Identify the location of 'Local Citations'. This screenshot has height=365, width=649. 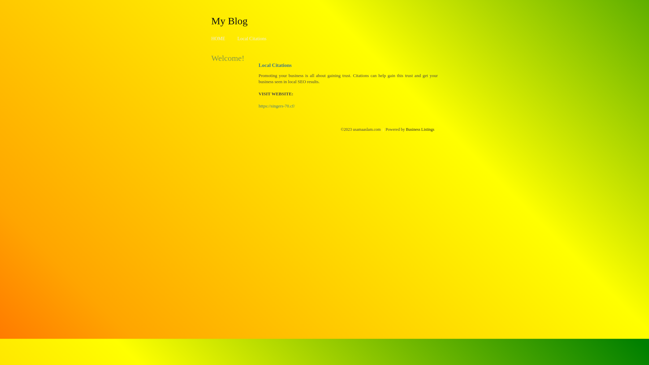
(251, 39).